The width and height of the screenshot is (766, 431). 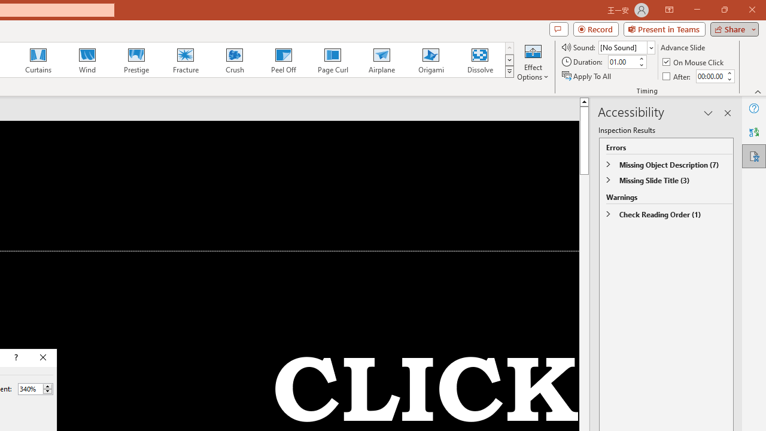 I want to click on 'Peel Off', so click(x=282, y=60).